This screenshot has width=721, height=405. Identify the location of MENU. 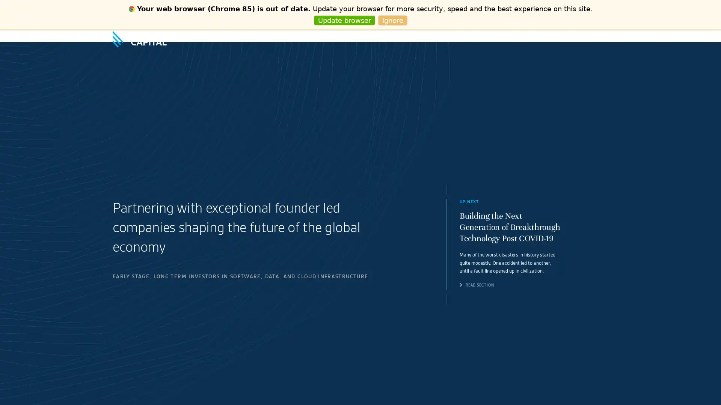
(602, 36).